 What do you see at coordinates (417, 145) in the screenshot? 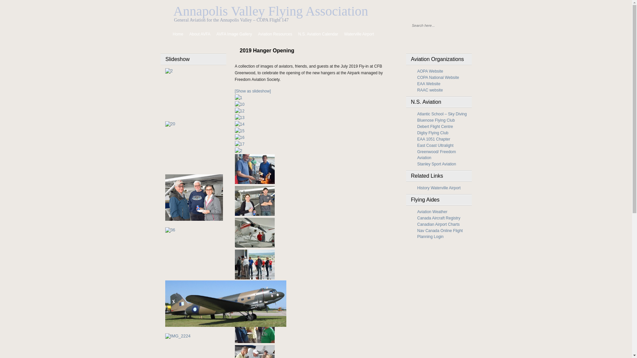
I see `'East Coast Ultralight'` at bounding box center [417, 145].